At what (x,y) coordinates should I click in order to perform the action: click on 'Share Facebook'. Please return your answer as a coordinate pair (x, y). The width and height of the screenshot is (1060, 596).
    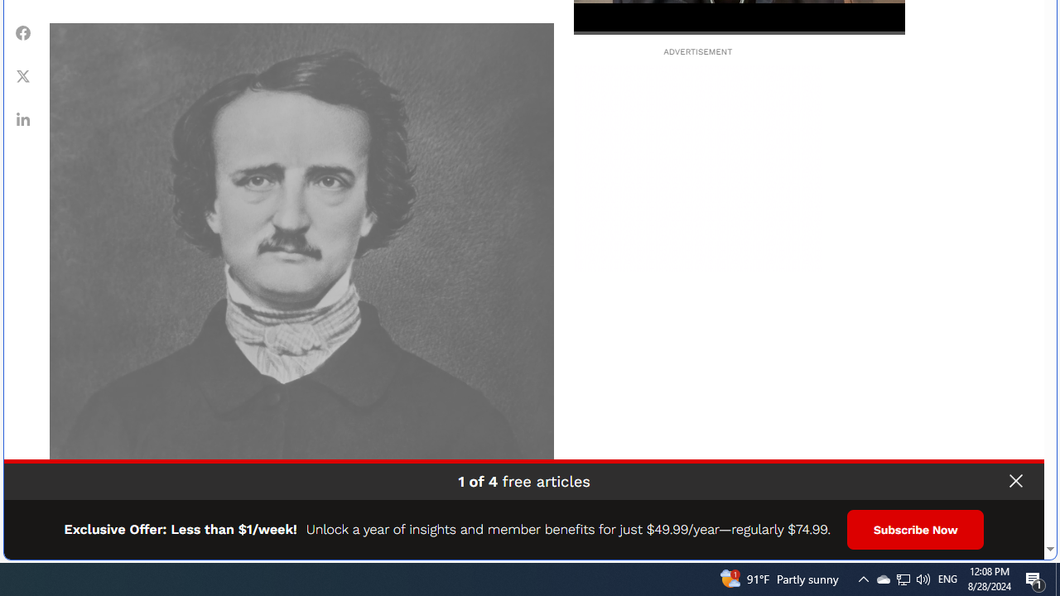
    Looking at the image, I should click on (23, 32).